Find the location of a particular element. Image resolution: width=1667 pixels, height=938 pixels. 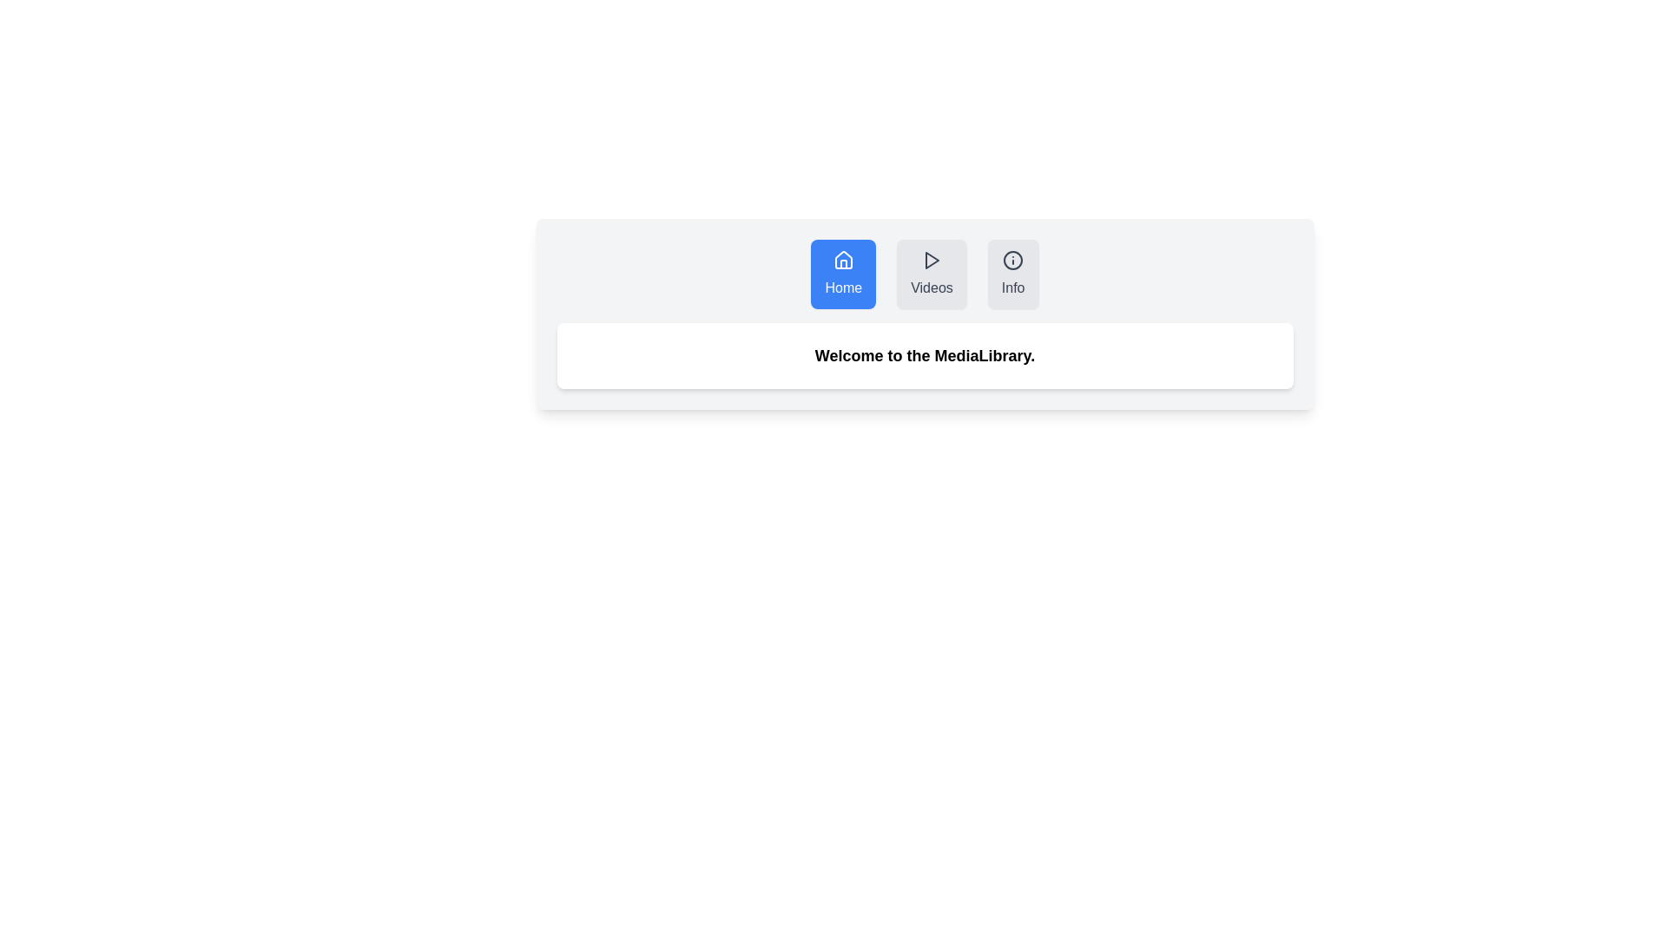

the tab labeled Home to observe styling changes is located at coordinates (843, 274).